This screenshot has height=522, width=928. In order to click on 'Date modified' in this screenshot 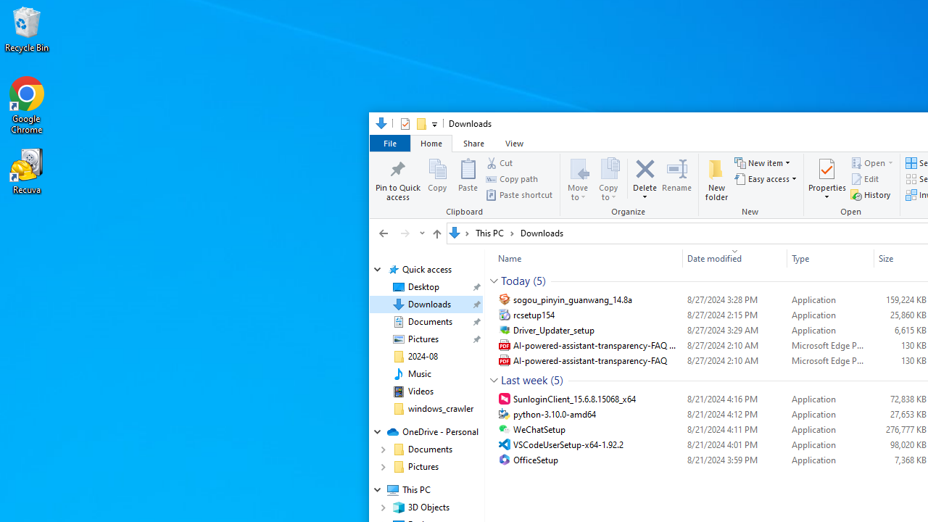, I will do `click(734, 257)`.